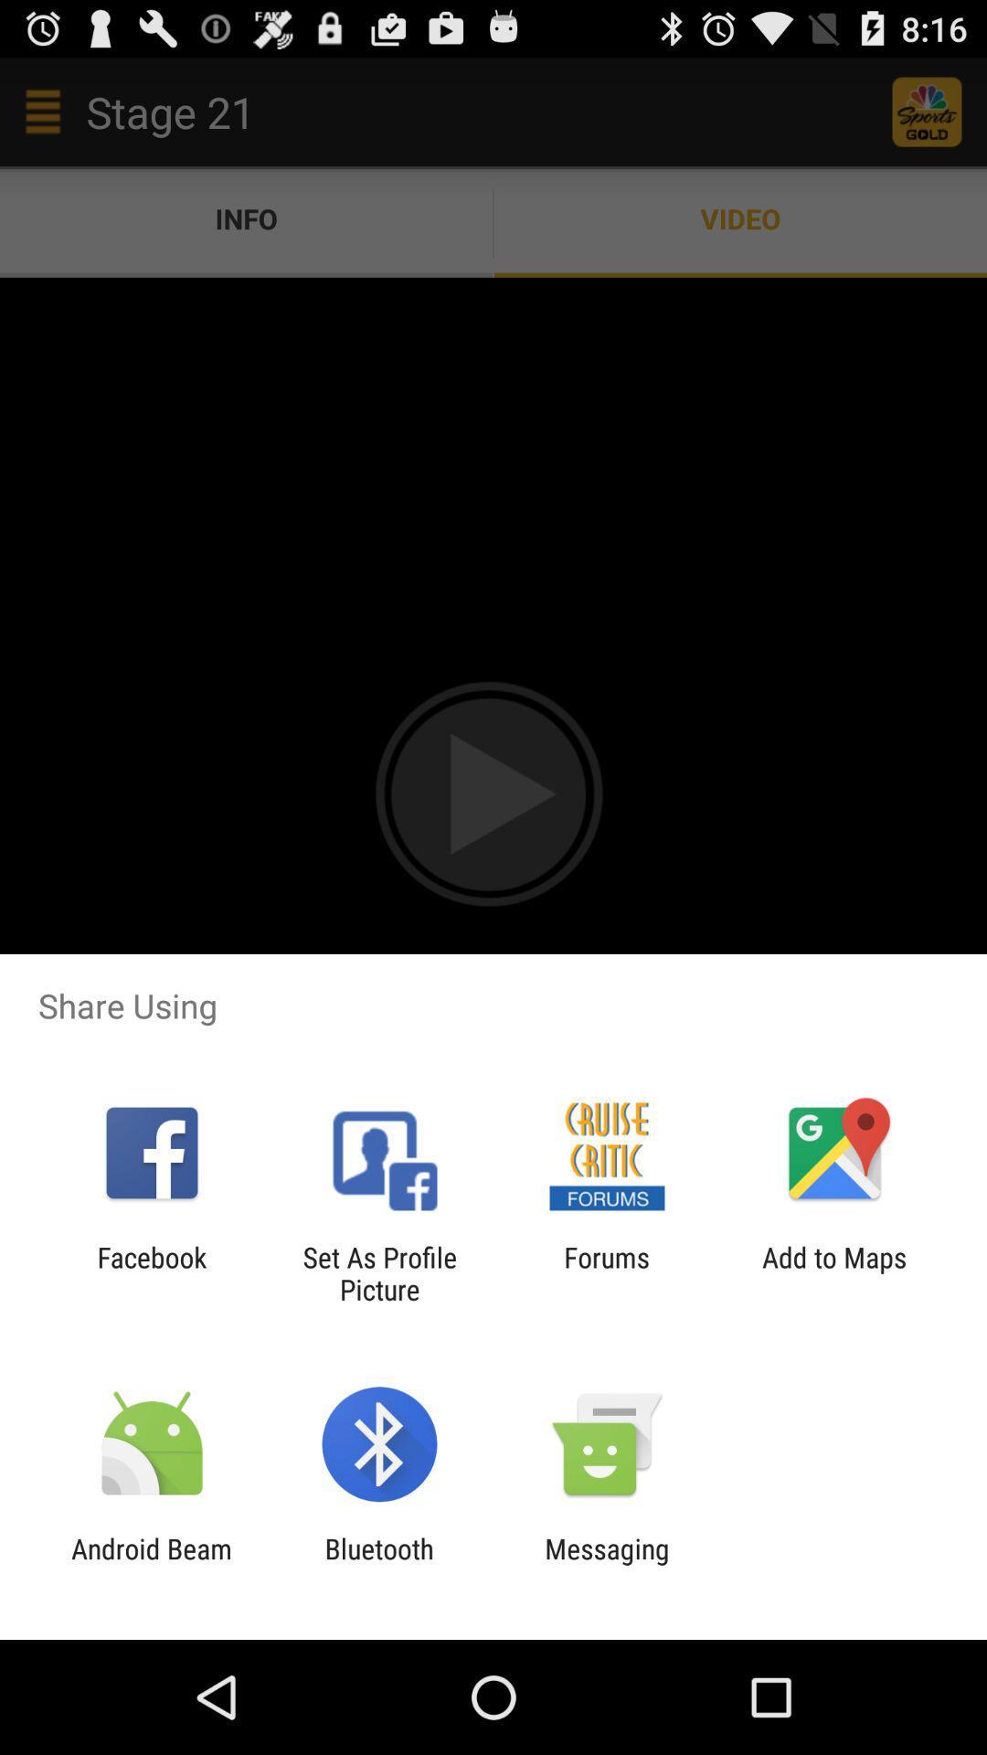  Describe the element at coordinates (378, 1272) in the screenshot. I see `icon next to the facebook icon` at that location.